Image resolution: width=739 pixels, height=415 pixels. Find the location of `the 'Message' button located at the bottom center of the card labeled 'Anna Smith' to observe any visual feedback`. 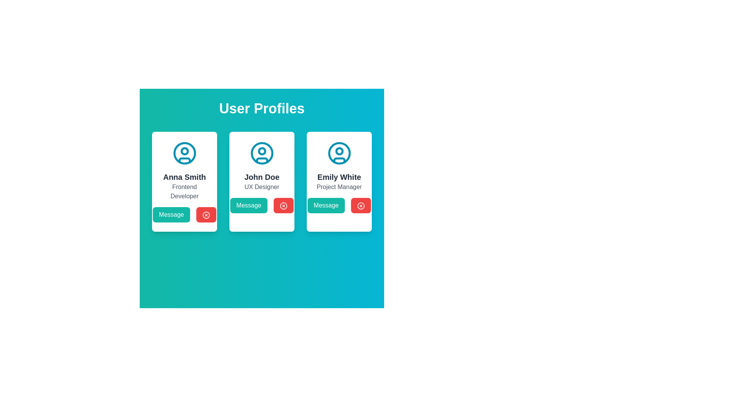

the 'Message' button located at the bottom center of the card labeled 'Anna Smith' to observe any visual feedback is located at coordinates (184, 215).